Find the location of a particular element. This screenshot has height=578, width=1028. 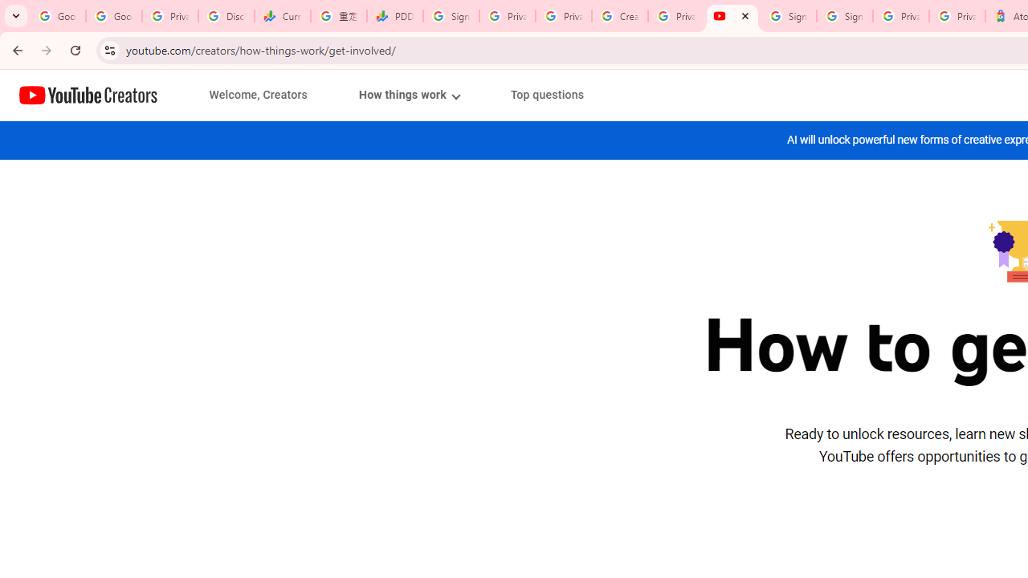

'Home page' is located at coordinates (88, 95).